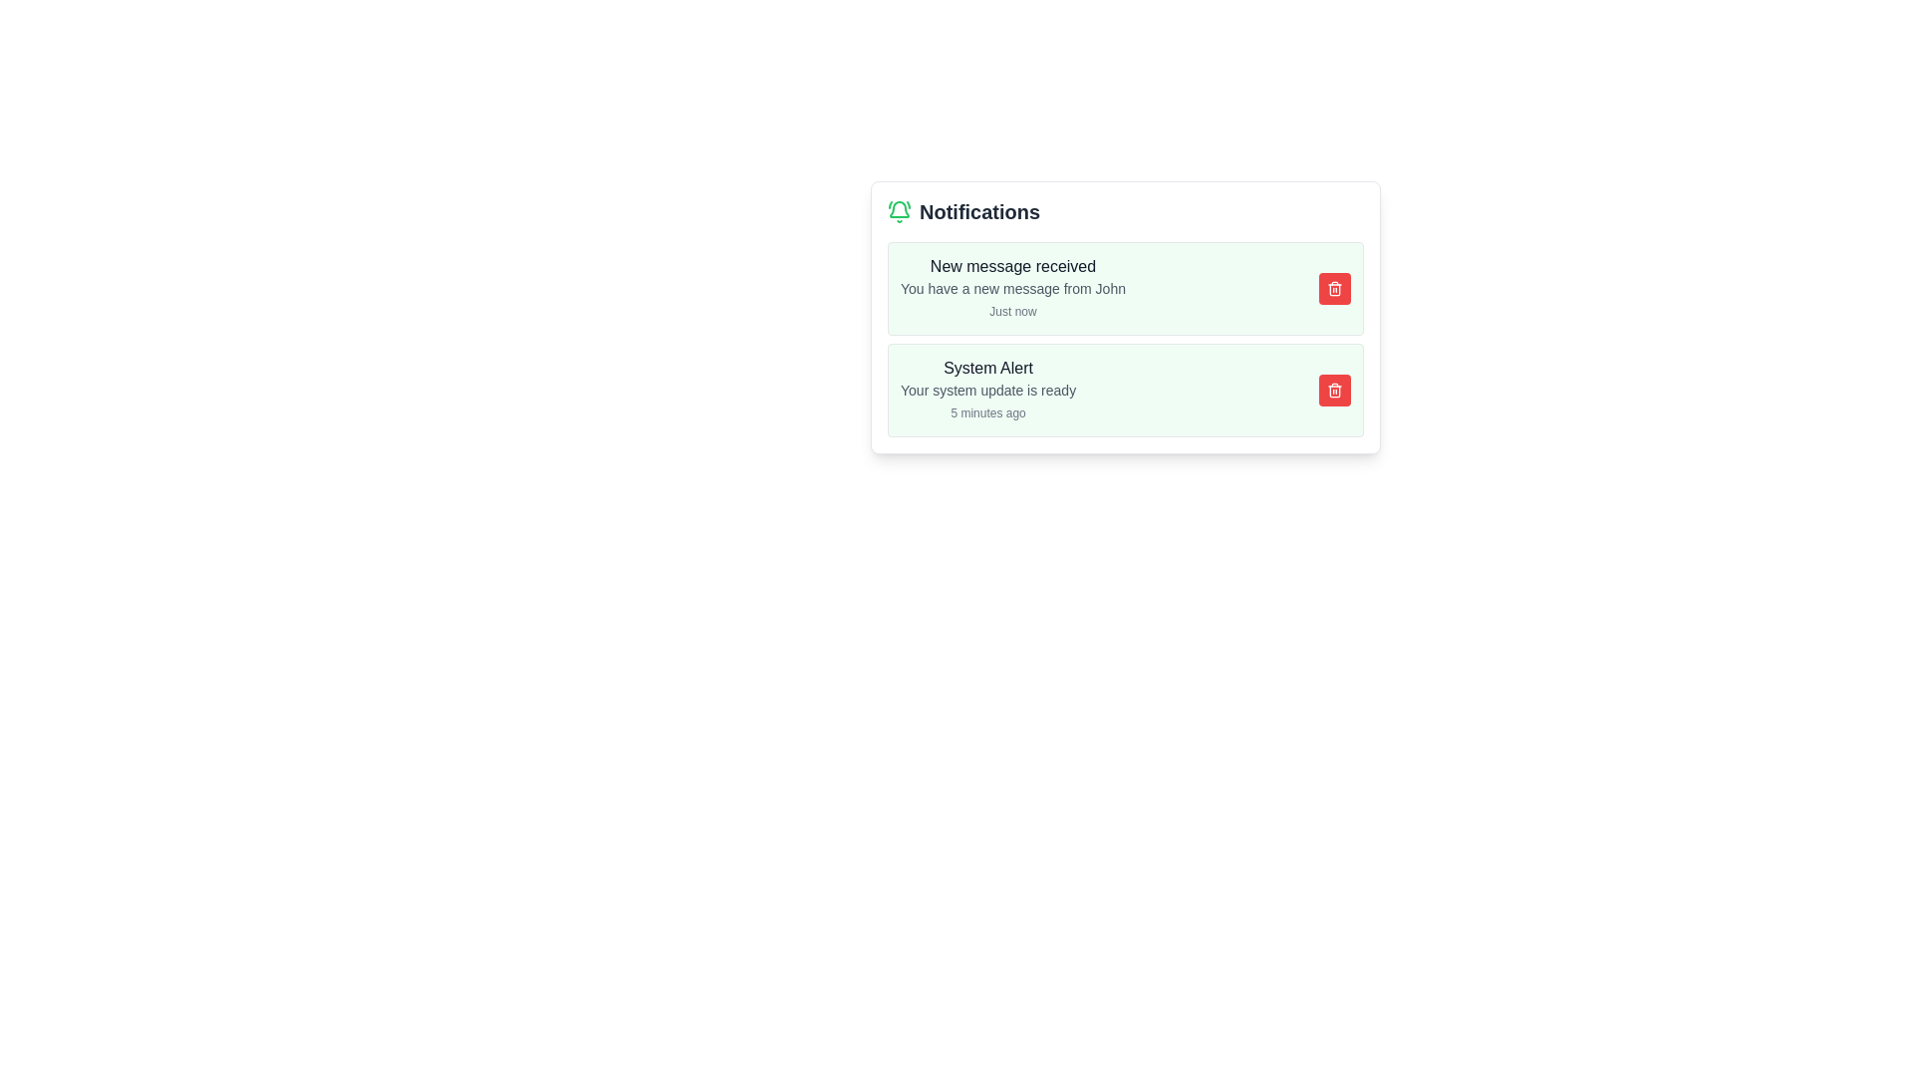  What do you see at coordinates (1013, 311) in the screenshot?
I see `the timestamp text label located at the bottom-right of the notification card` at bounding box center [1013, 311].